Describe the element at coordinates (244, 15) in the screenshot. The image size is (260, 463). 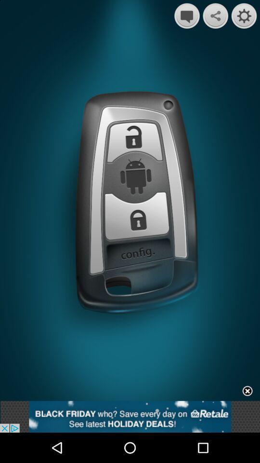
I see `settings option` at that location.